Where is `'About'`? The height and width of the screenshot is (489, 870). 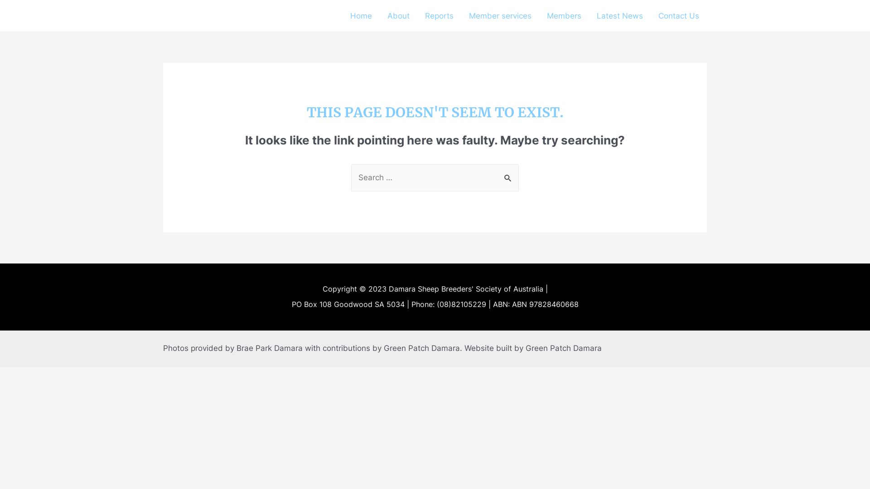
'About' is located at coordinates (398, 15).